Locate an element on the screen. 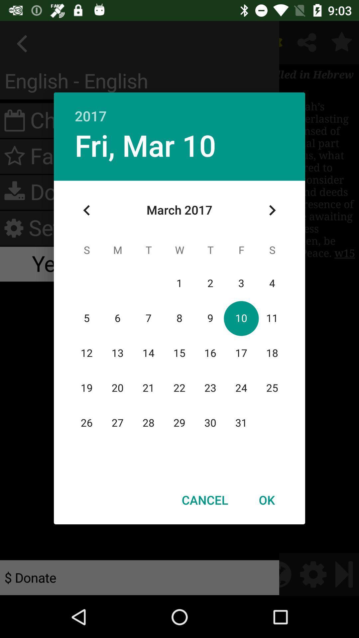 The width and height of the screenshot is (359, 638). item below the 2017 icon is located at coordinates (145, 145).